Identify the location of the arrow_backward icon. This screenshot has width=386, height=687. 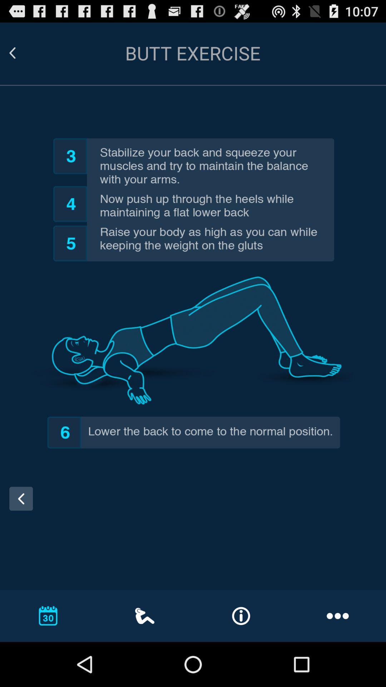
(21, 56).